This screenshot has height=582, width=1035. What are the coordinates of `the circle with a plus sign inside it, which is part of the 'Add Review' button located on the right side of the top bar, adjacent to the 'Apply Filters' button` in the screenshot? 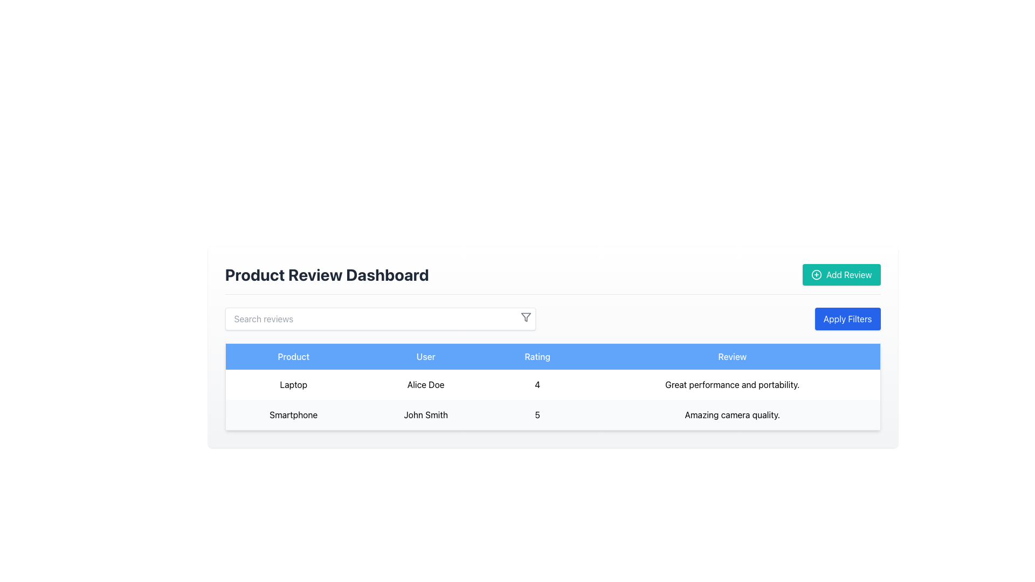 It's located at (816, 274).